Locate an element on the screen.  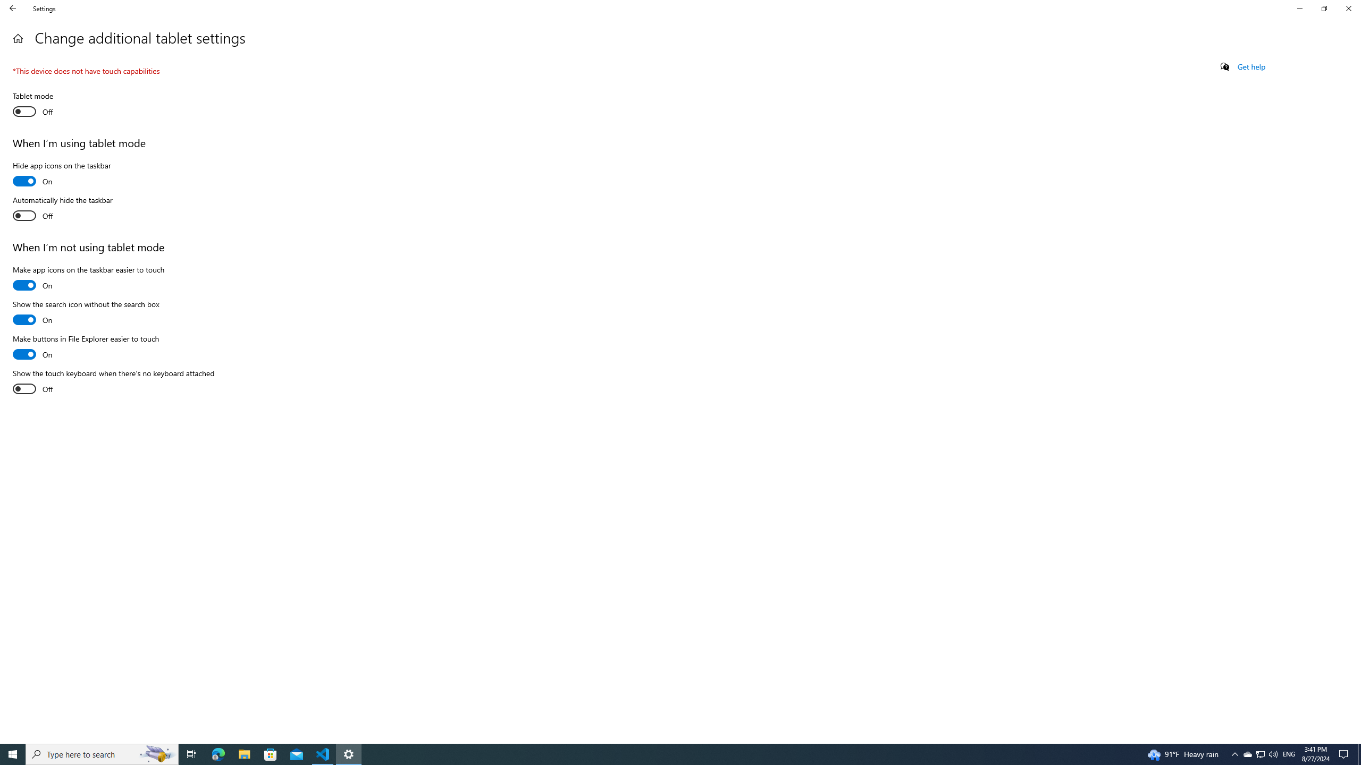
'Home' is located at coordinates (18, 38).